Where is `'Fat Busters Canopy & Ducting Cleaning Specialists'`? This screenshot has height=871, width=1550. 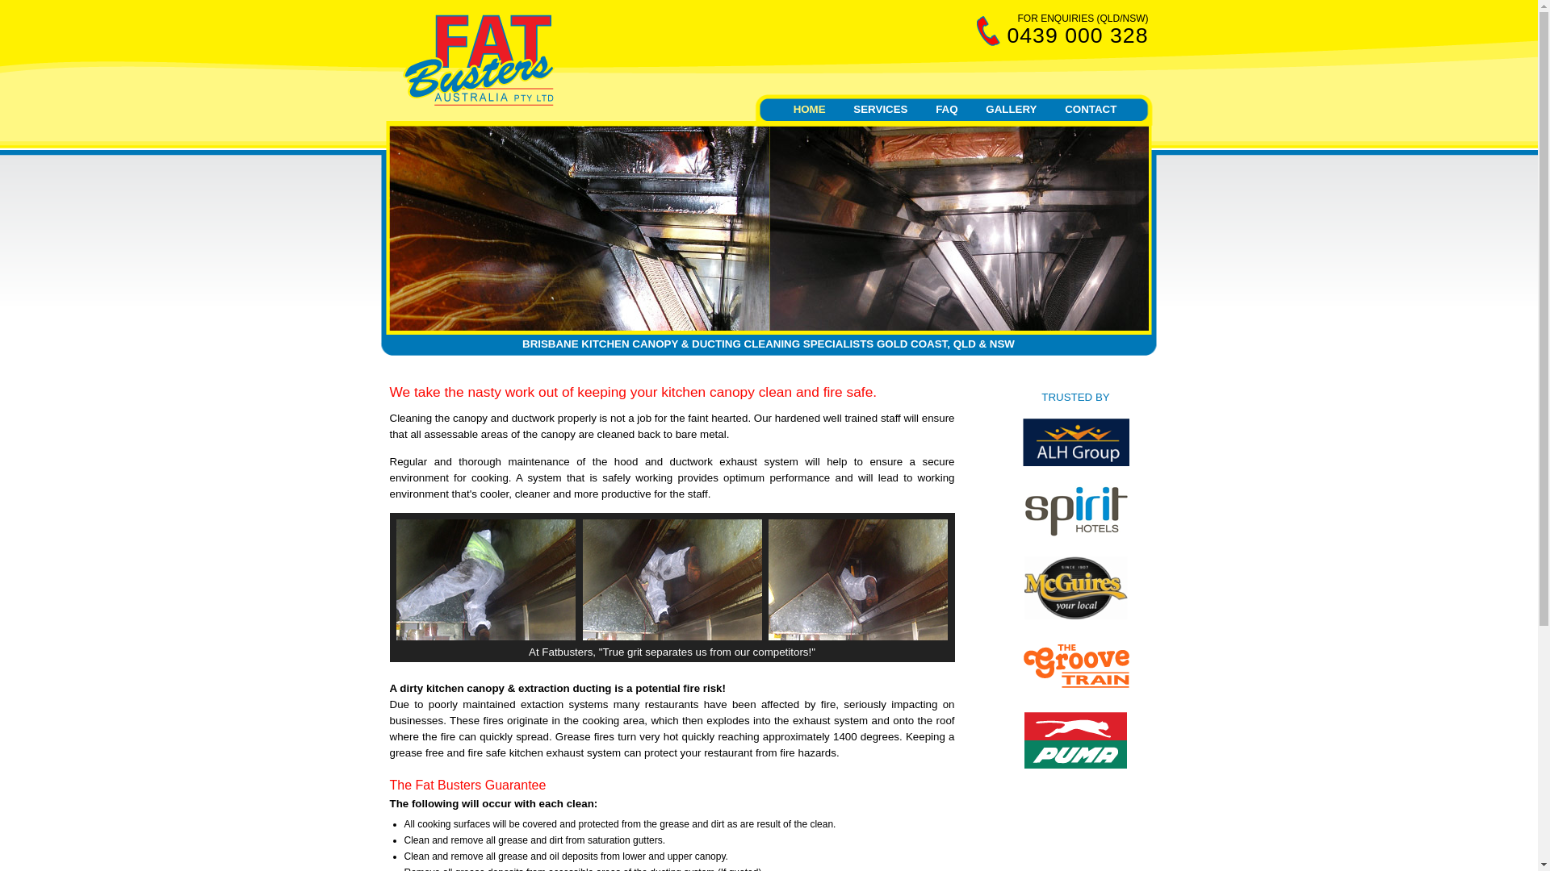
'Fat Busters Canopy & Ducting Cleaning Specialists' is located at coordinates (476, 102).